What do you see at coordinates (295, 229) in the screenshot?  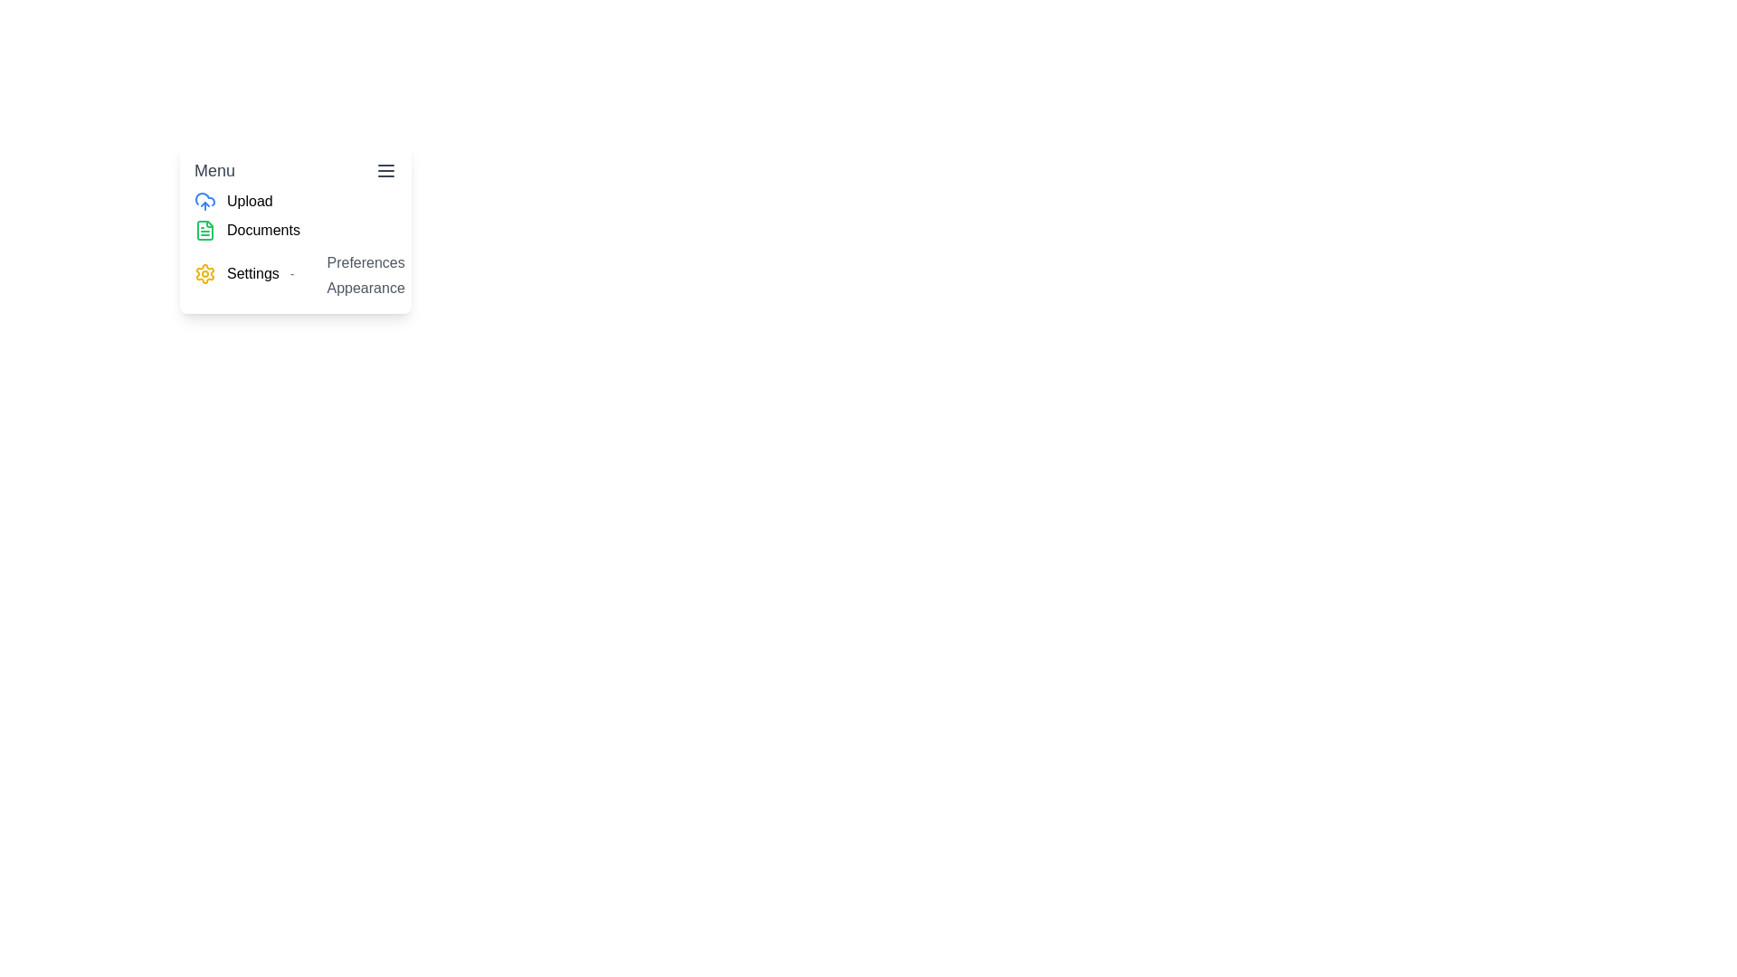 I see `the 'Documents' menu item, which is the second item in the vertical menu stack under the 'Menu' heading, located directly below the 'Upload' menu item` at bounding box center [295, 229].